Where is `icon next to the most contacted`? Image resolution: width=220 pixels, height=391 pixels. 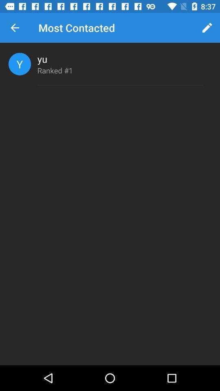
icon next to the most contacted is located at coordinates (15, 28).